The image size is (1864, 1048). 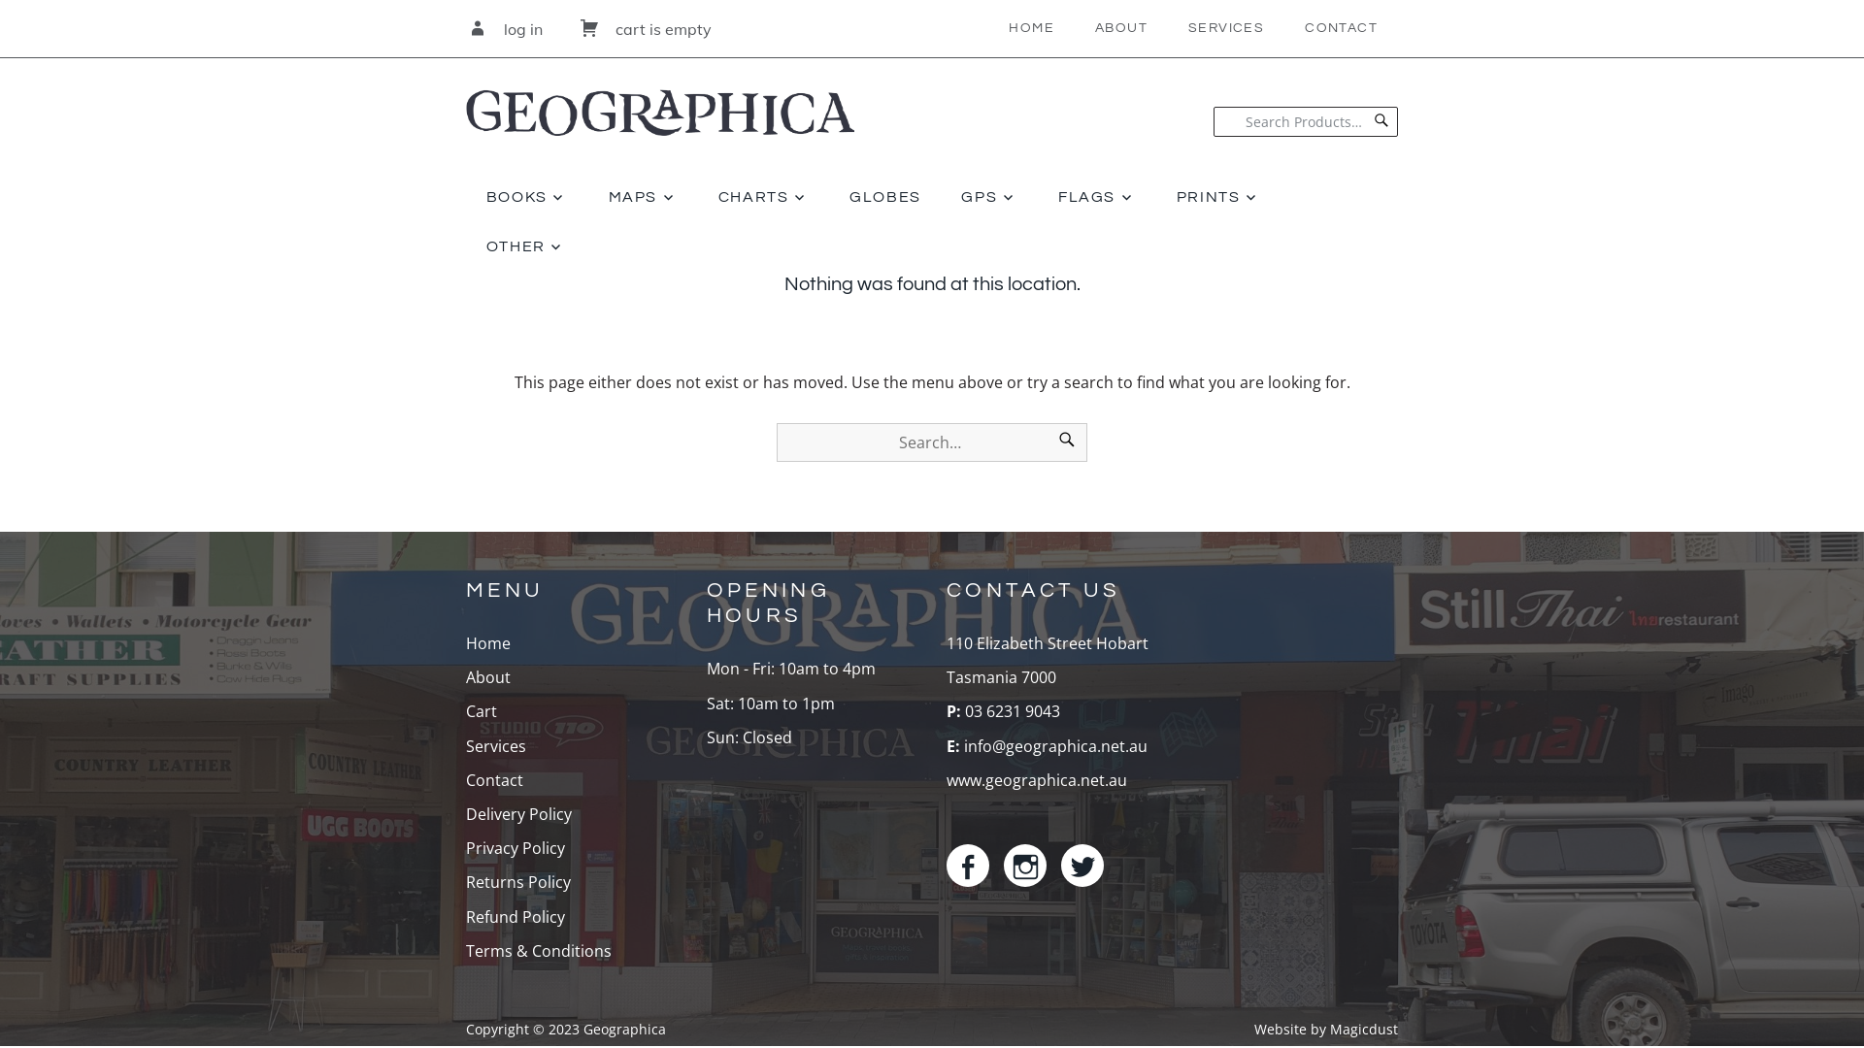 What do you see at coordinates (1284, 28) in the screenshot?
I see `'CONTACT'` at bounding box center [1284, 28].